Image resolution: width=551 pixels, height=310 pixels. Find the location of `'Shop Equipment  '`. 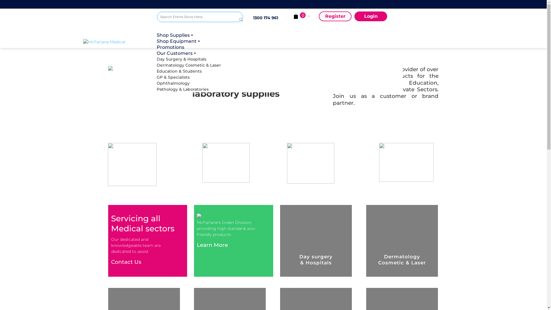

'Shop Equipment  ' is located at coordinates (179, 41).